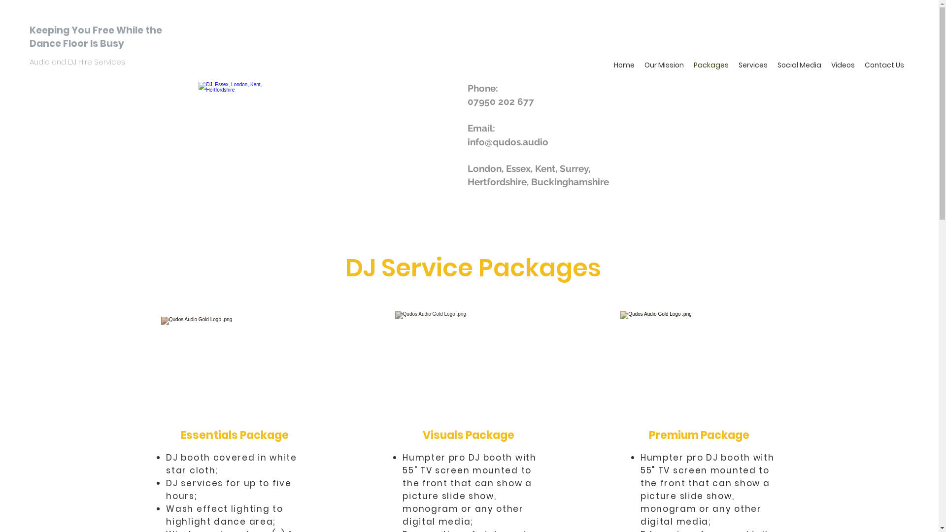 The image size is (946, 532). What do you see at coordinates (752, 65) in the screenshot?
I see `'Services'` at bounding box center [752, 65].